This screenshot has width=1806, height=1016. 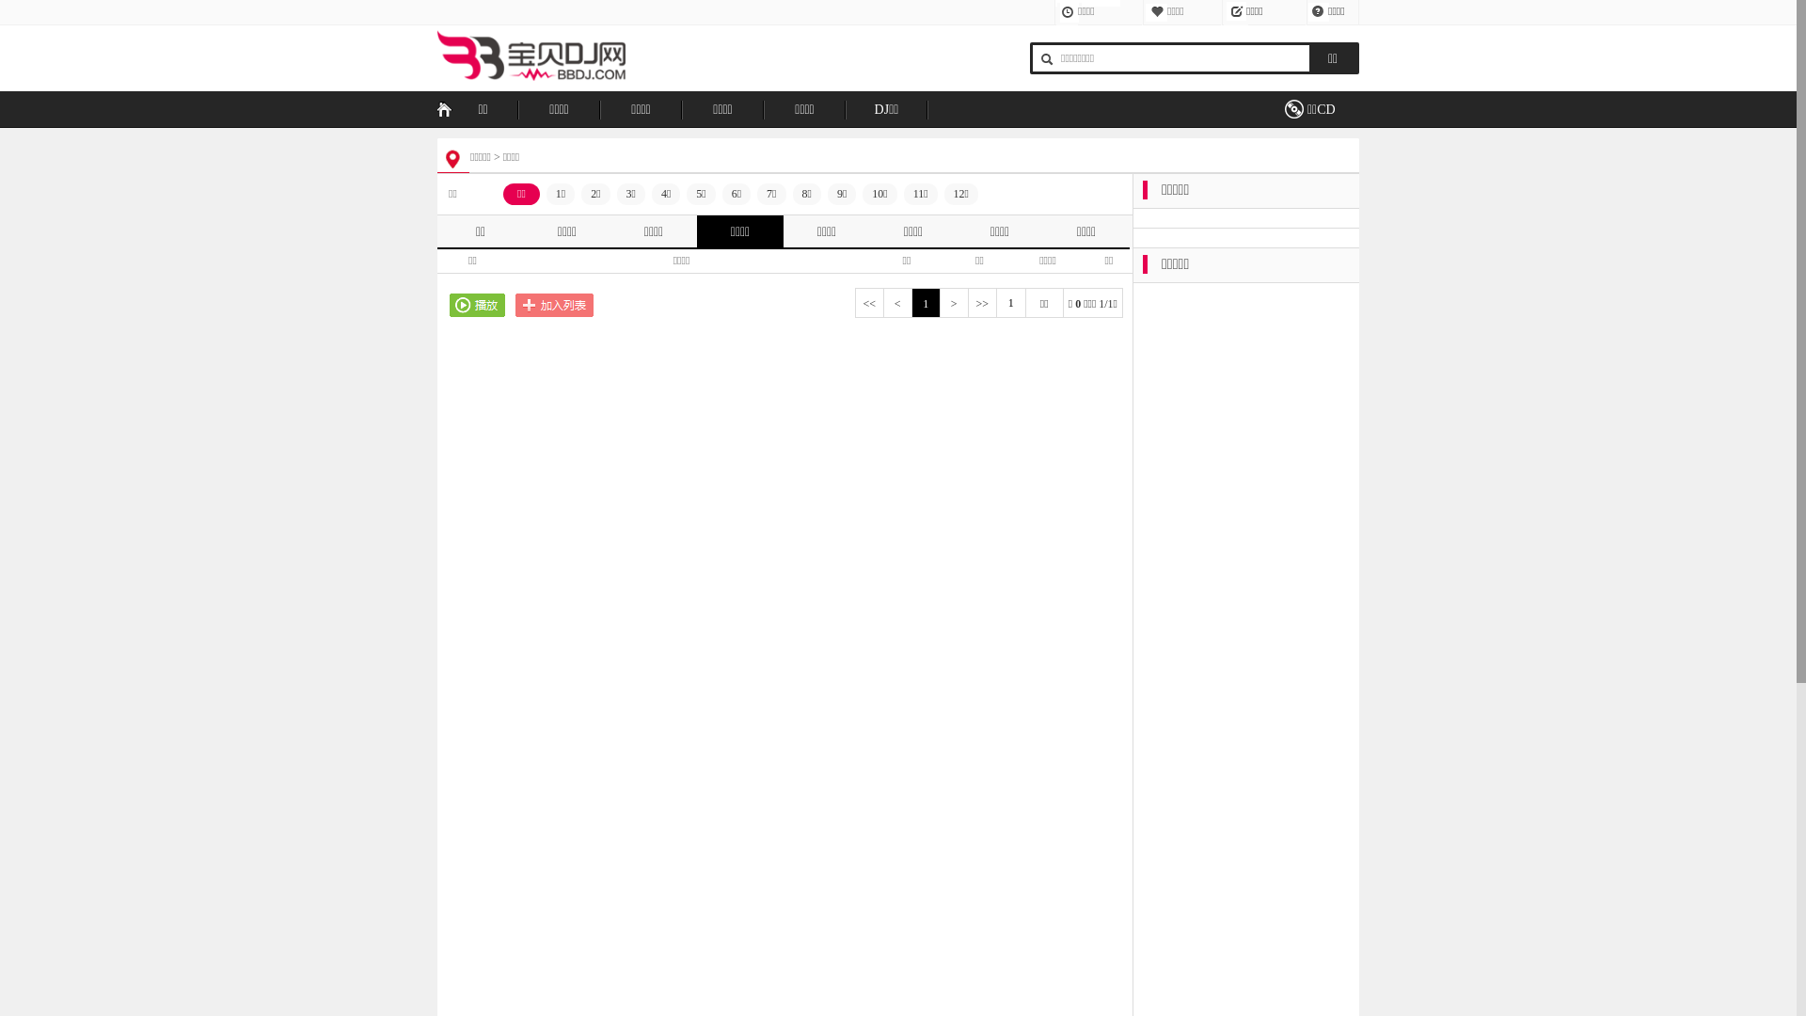 What do you see at coordinates (925, 303) in the screenshot?
I see `'1'` at bounding box center [925, 303].